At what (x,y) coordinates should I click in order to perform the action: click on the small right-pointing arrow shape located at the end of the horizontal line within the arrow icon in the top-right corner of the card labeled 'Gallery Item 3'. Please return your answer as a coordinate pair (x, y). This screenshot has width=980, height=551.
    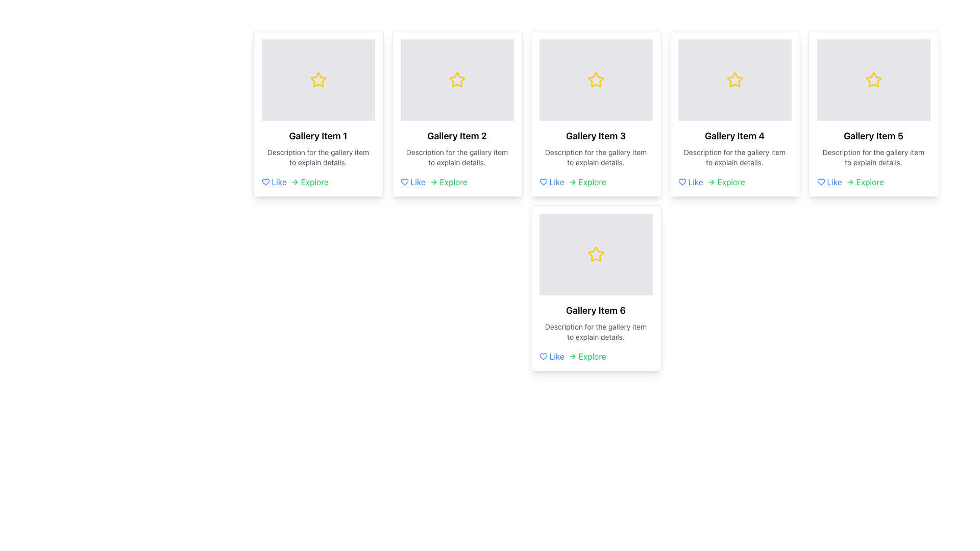
    Looking at the image, I should click on (574, 182).